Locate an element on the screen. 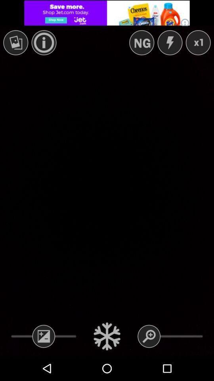  advertisement is located at coordinates (107, 12).